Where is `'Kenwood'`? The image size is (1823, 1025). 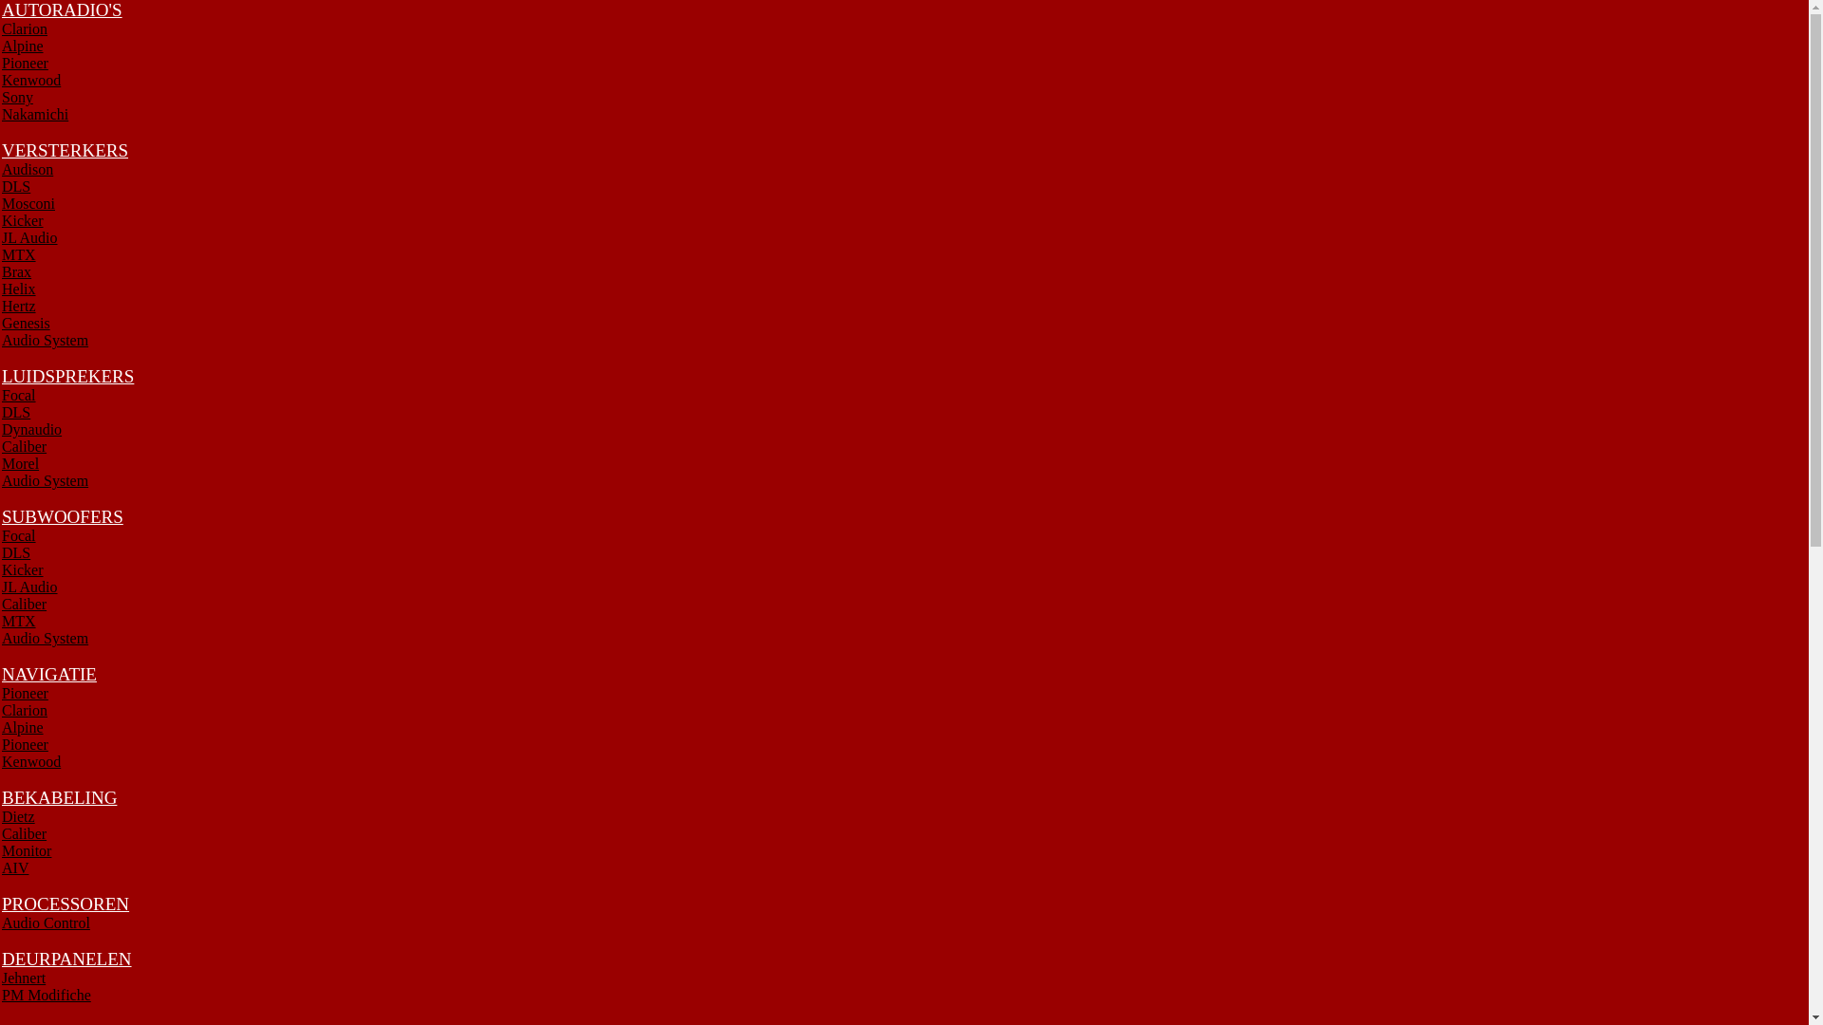
'Kenwood' is located at coordinates (31, 79).